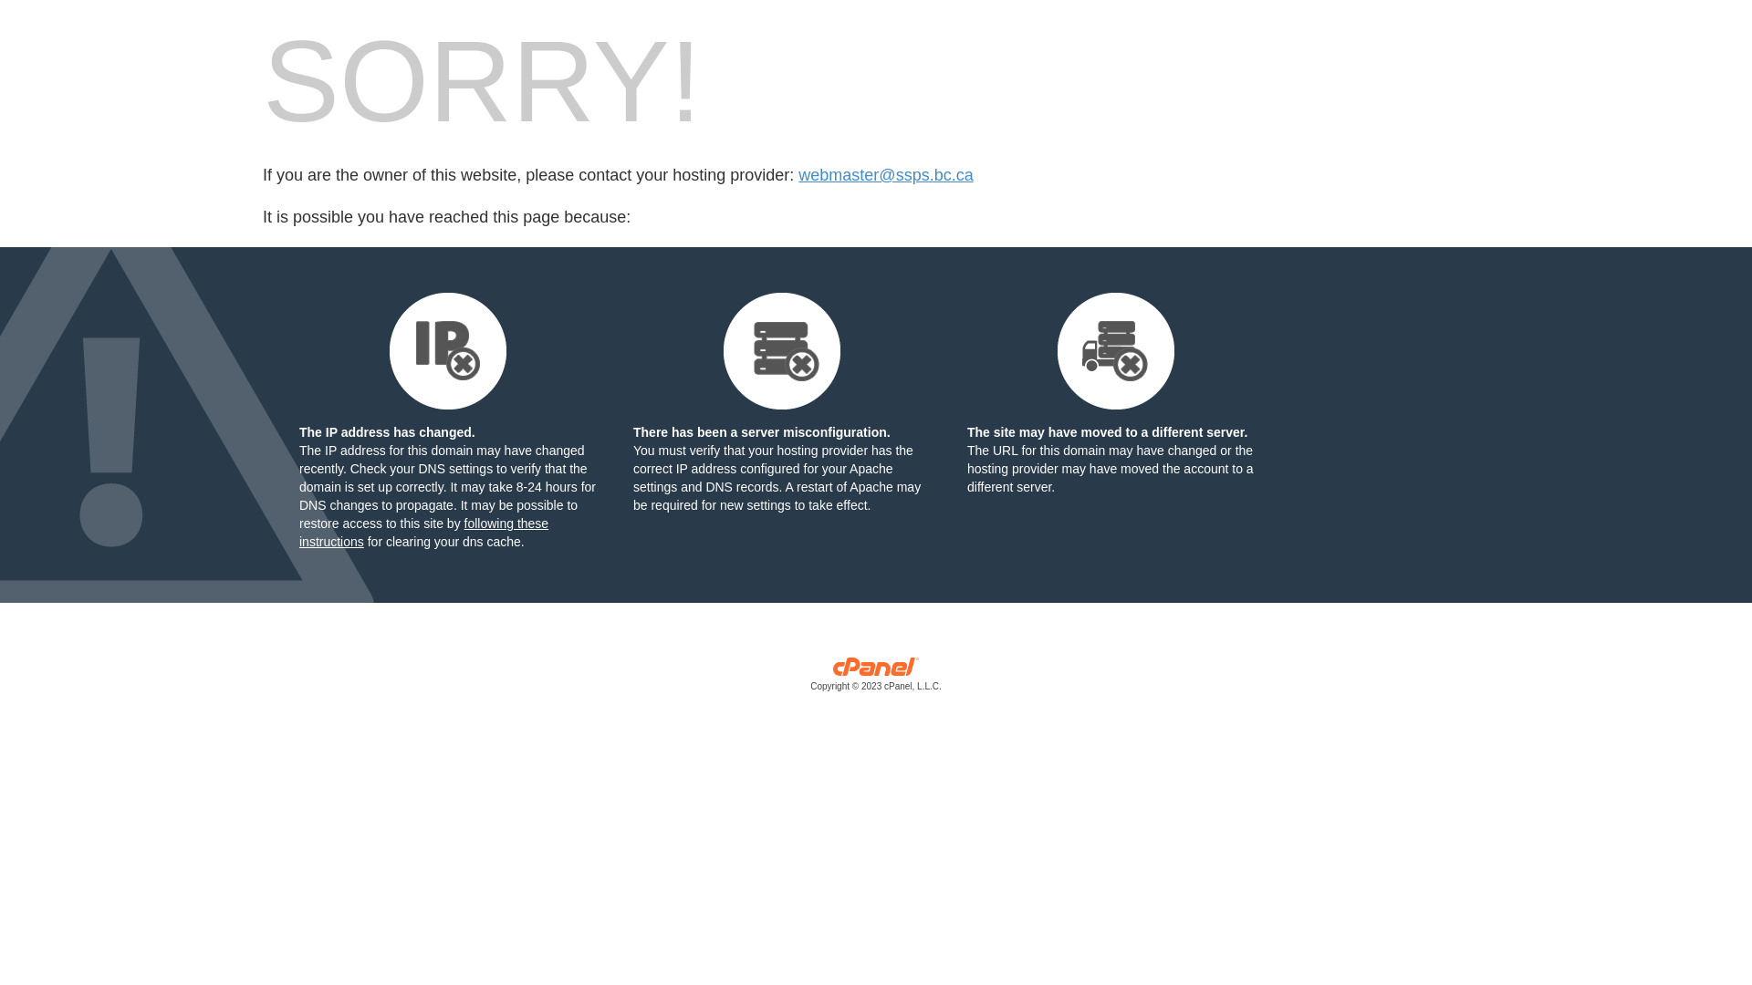 The width and height of the screenshot is (1752, 985). What do you see at coordinates (885, 175) in the screenshot?
I see `'webmaster@ssps.bc.ca'` at bounding box center [885, 175].